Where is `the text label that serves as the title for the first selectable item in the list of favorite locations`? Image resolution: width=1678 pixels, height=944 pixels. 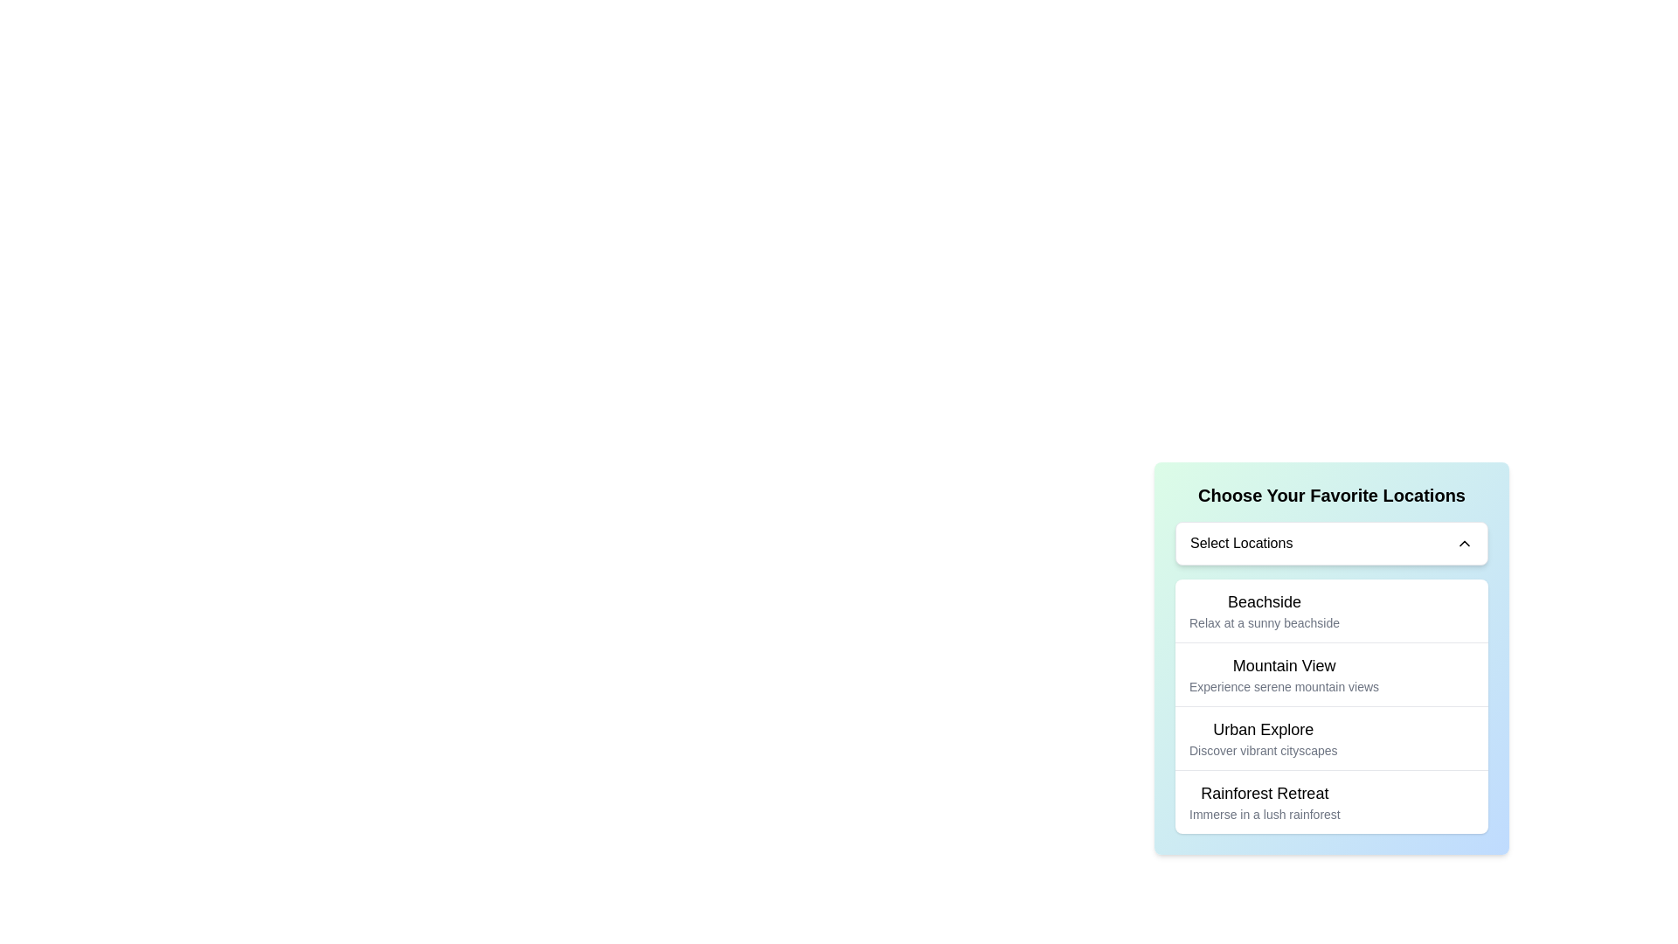 the text label that serves as the title for the first selectable item in the list of favorite locations is located at coordinates (1264, 601).